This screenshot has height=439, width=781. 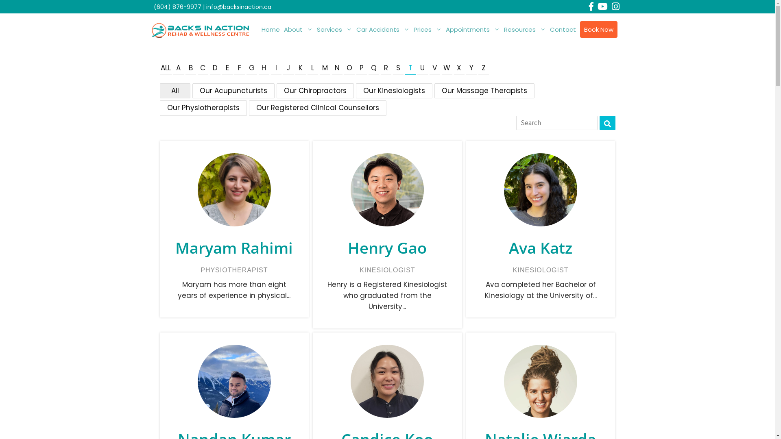 What do you see at coordinates (344, 68) in the screenshot?
I see `'O'` at bounding box center [344, 68].